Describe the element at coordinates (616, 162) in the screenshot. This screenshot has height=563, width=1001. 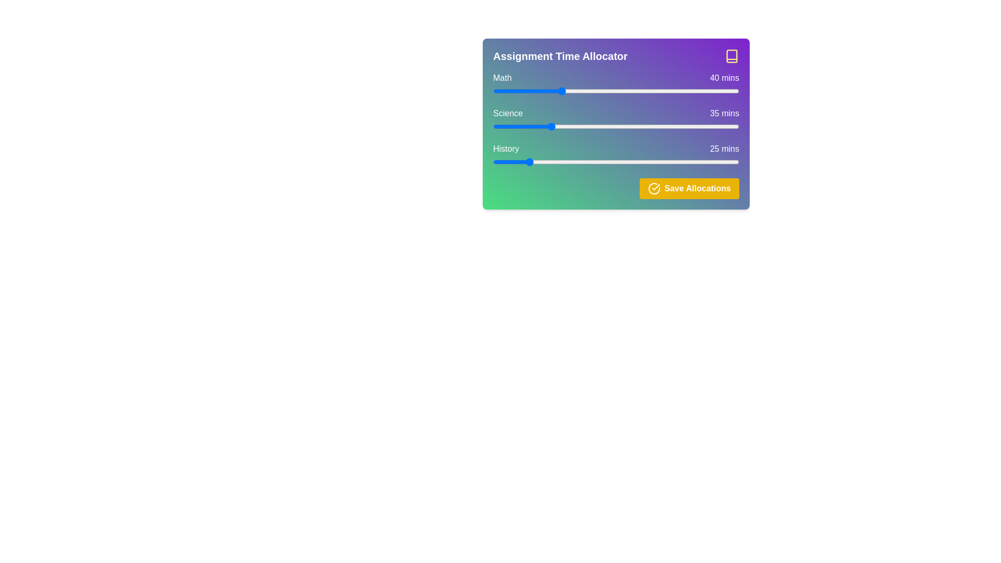
I see `history time allocation` at that location.